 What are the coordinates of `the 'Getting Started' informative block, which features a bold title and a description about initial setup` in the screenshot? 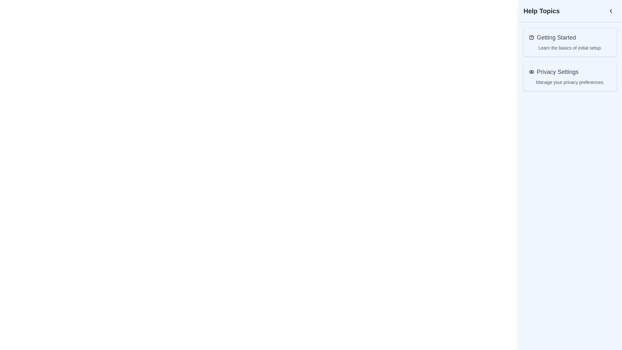 It's located at (570, 42).